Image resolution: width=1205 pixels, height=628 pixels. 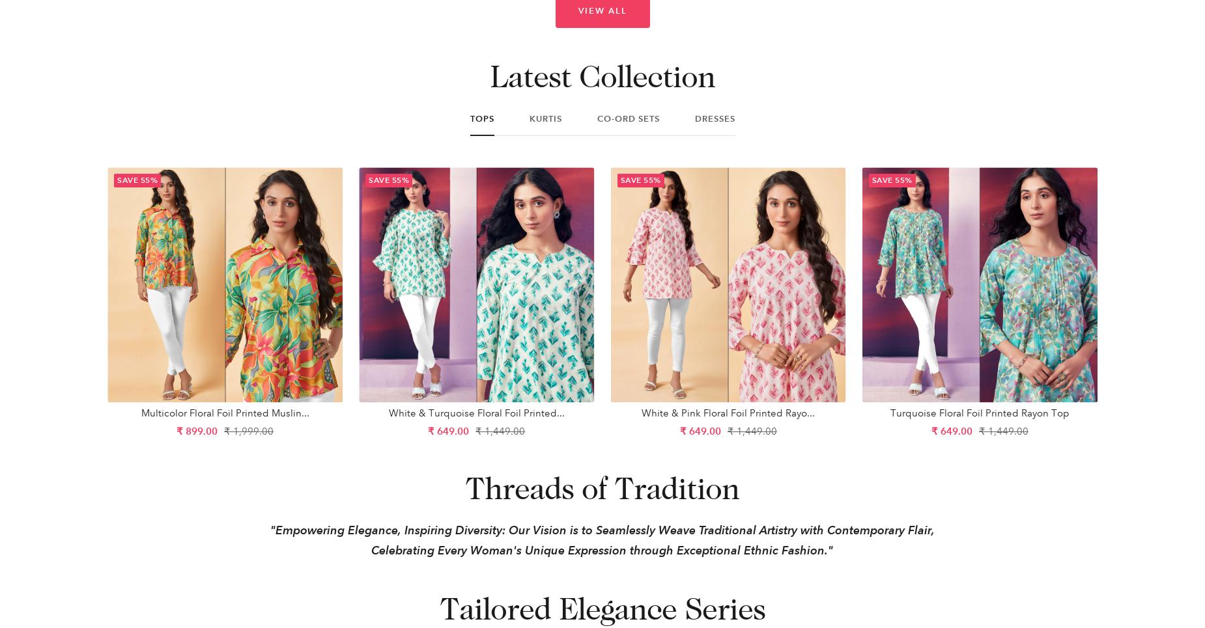 What do you see at coordinates (602, 487) in the screenshot?
I see `'Threads of Tradition'` at bounding box center [602, 487].